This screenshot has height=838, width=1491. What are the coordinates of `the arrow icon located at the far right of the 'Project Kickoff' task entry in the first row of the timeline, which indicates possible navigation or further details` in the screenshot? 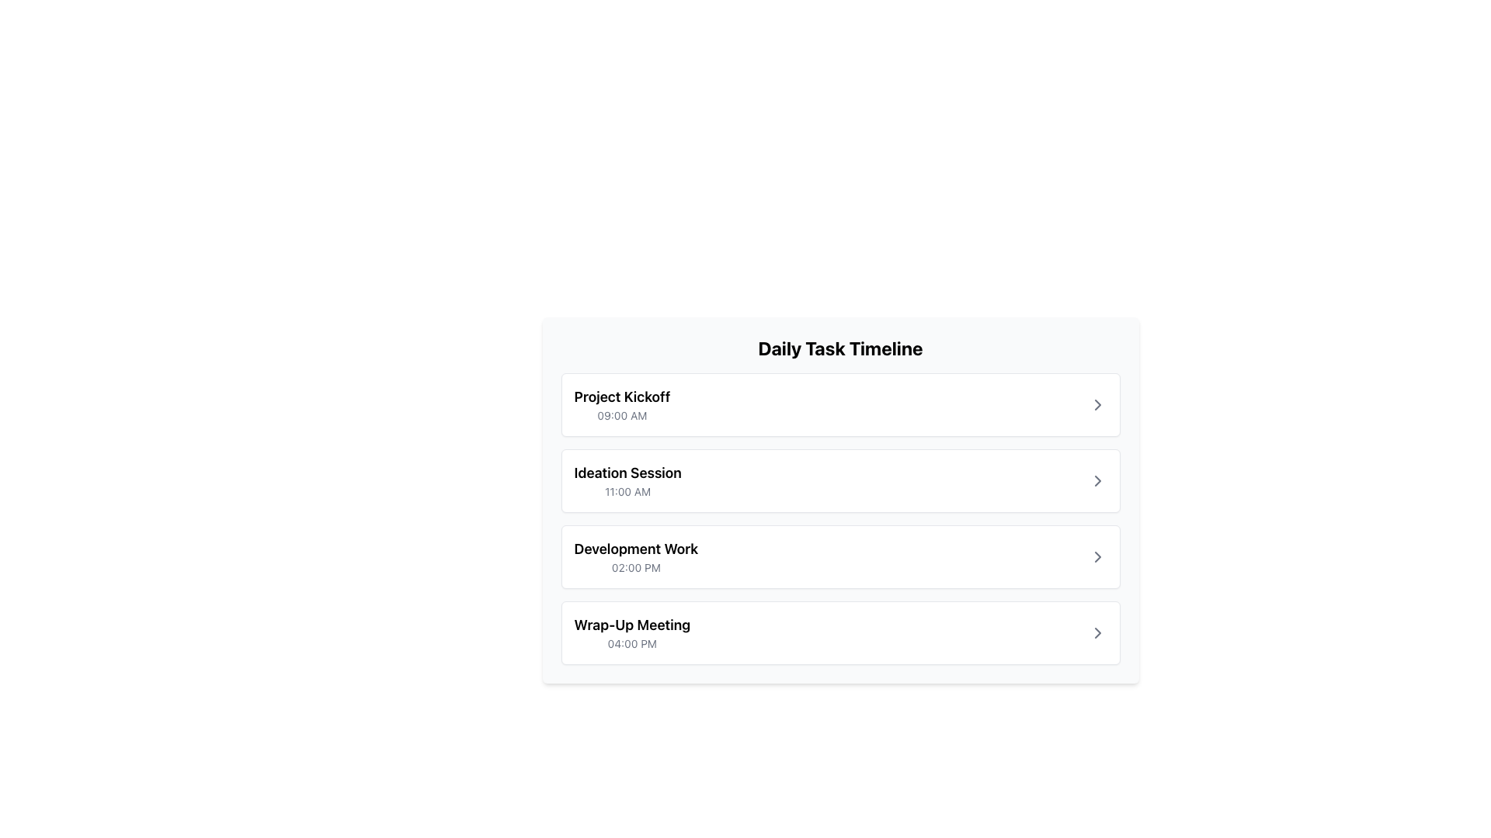 It's located at (1097, 403).